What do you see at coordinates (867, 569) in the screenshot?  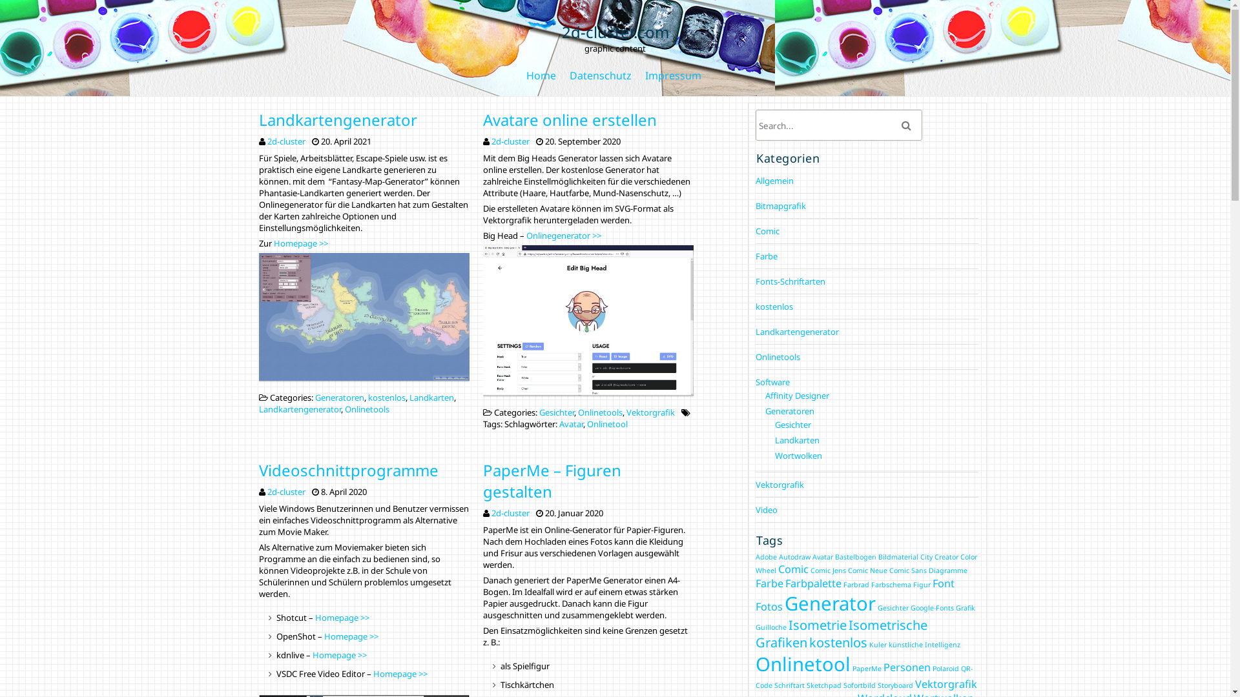 I see `'Comic Neue'` at bounding box center [867, 569].